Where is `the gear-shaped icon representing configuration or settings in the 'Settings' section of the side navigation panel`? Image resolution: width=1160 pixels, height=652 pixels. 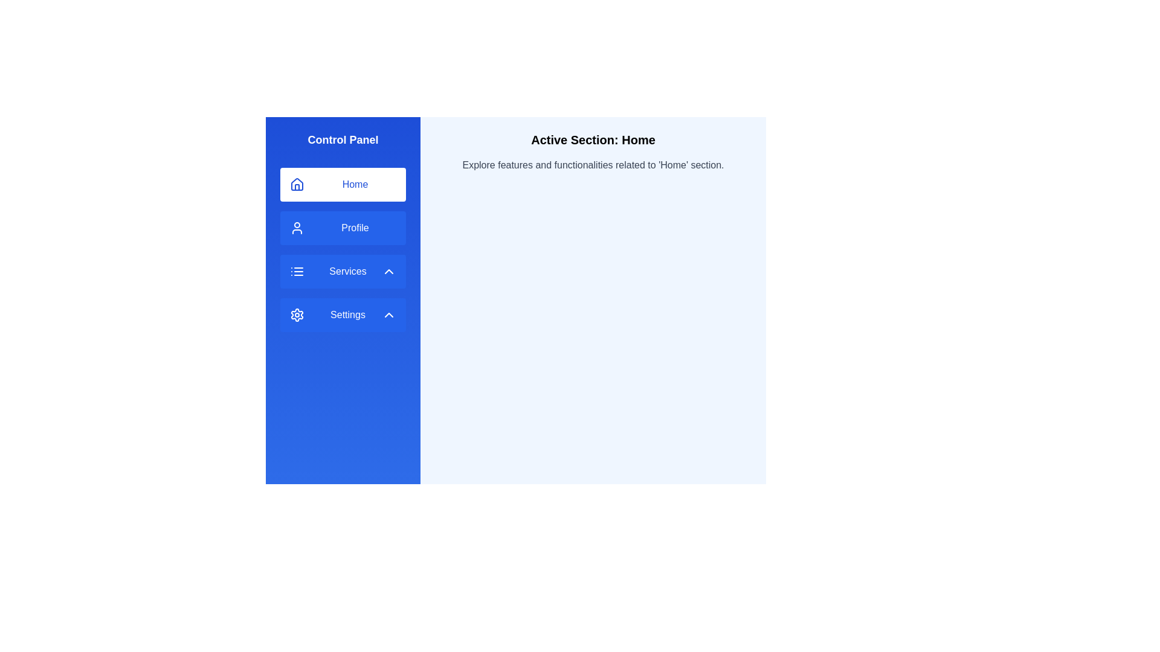 the gear-shaped icon representing configuration or settings in the 'Settings' section of the side navigation panel is located at coordinates (297, 314).